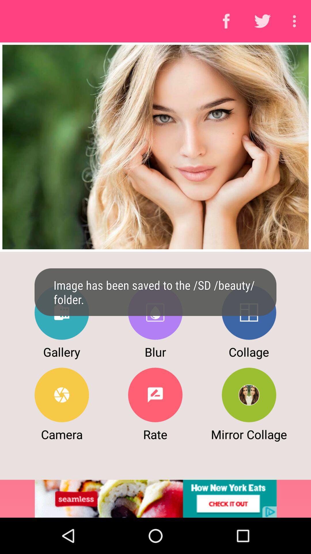  What do you see at coordinates (155, 312) in the screenshot?
I see `blur the input image` at bounding box center [155, 312].